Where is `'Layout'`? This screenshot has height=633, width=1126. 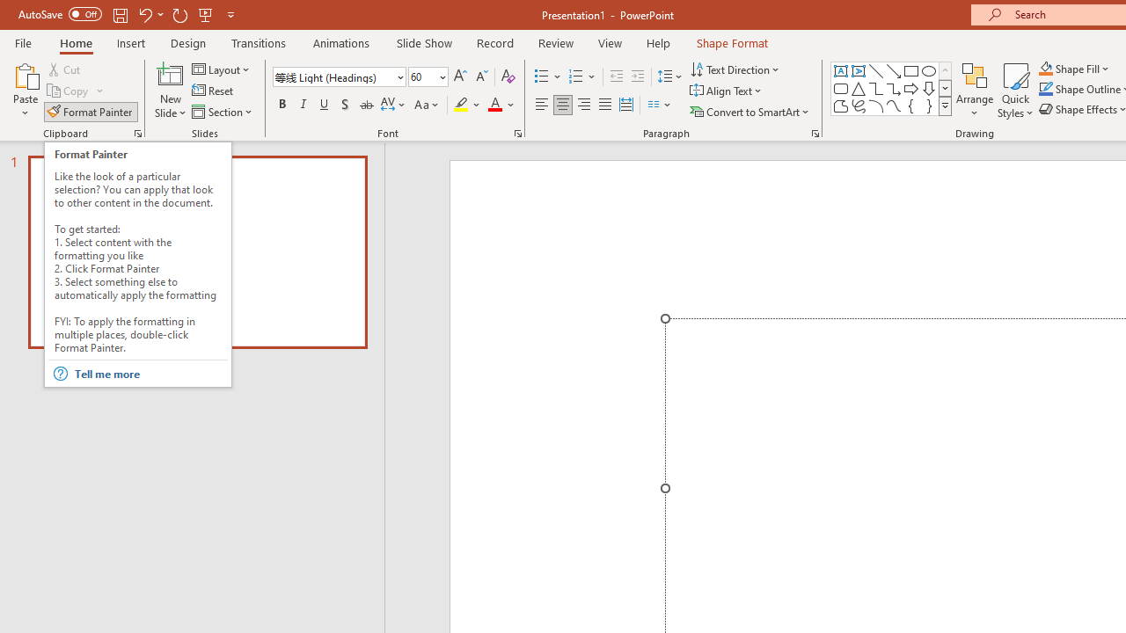 'Layout' is located at coordinates (221, 69).